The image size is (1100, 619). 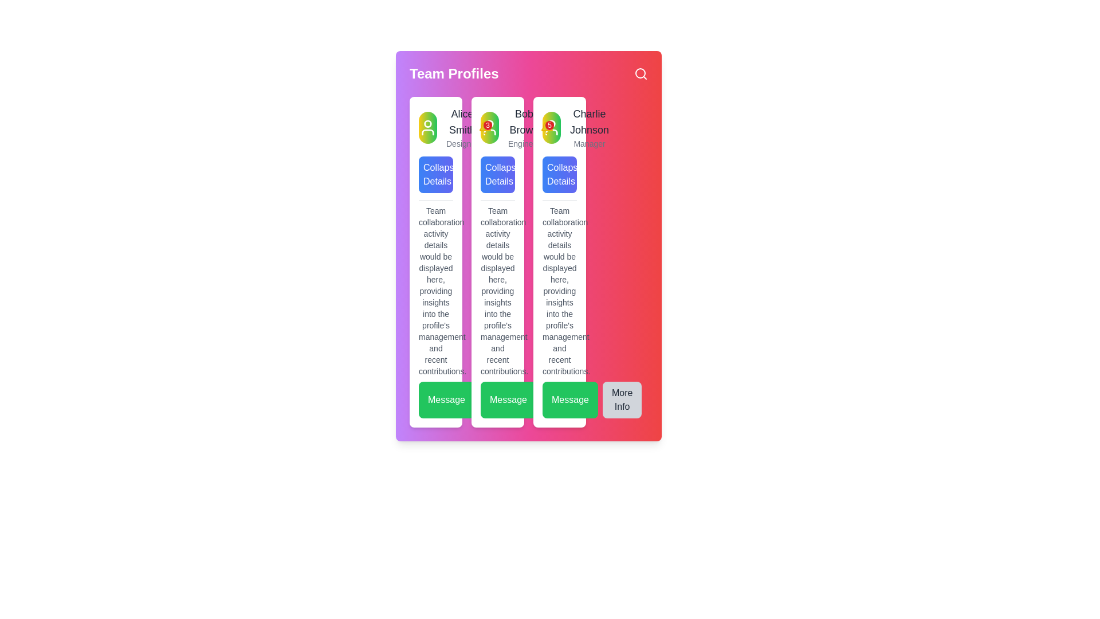 I want to click on text displayed as 'Alice Smith' in a large font and 'Designer' in a smaller font located under the profile picture icon in the 'Team Profiles' section, so click(x=462, y=128).